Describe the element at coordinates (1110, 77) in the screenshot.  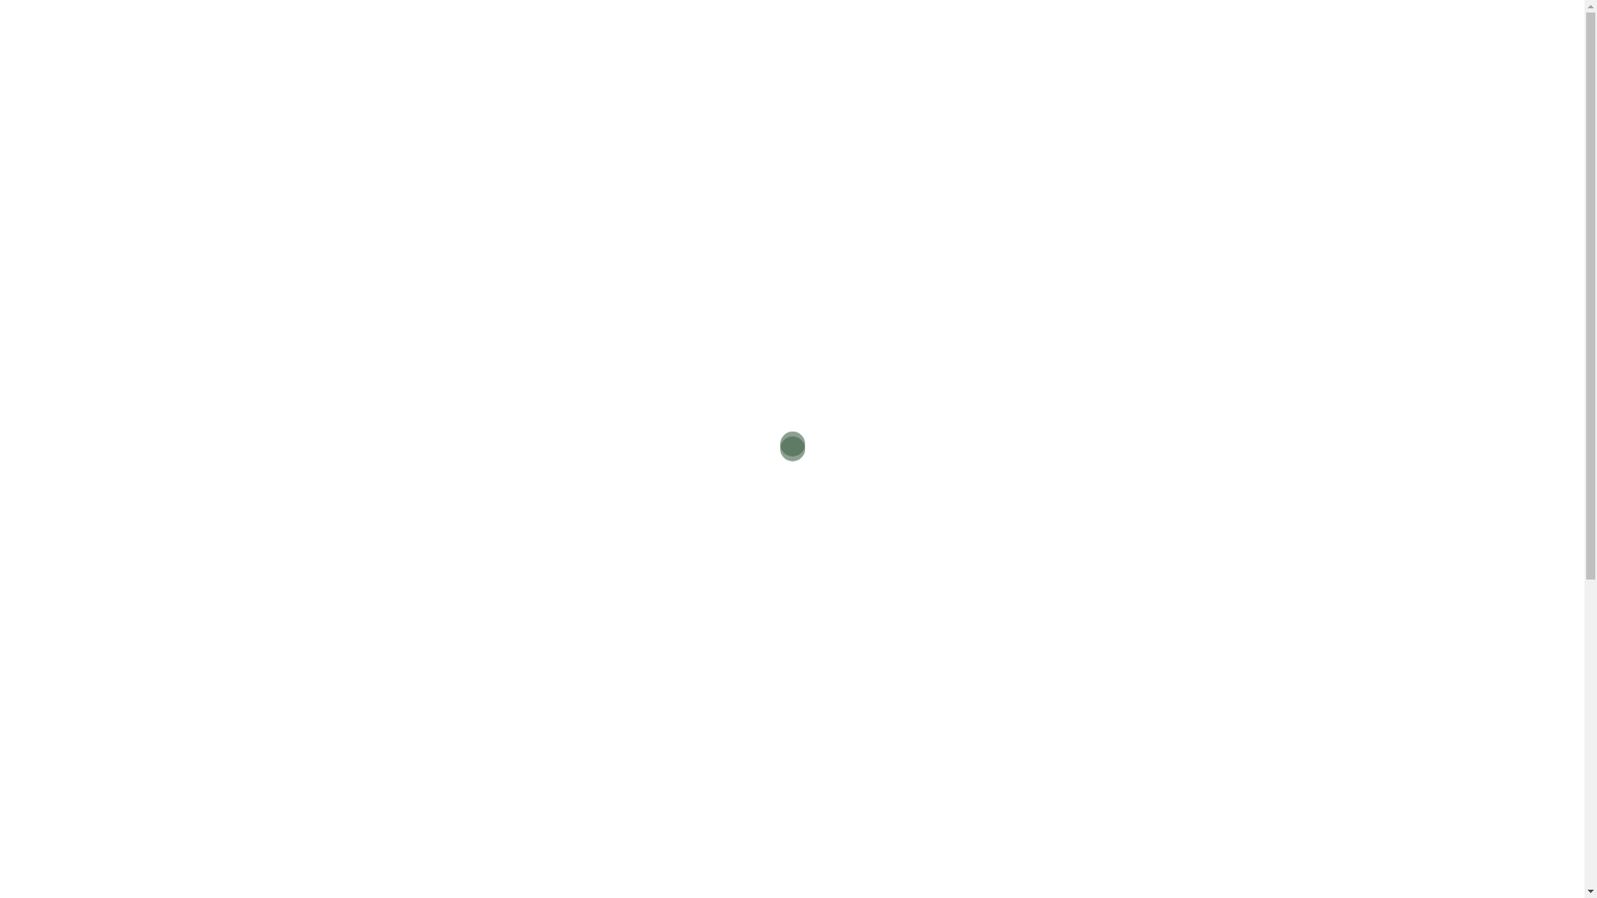
I see `'CALL NOW'` at that location.